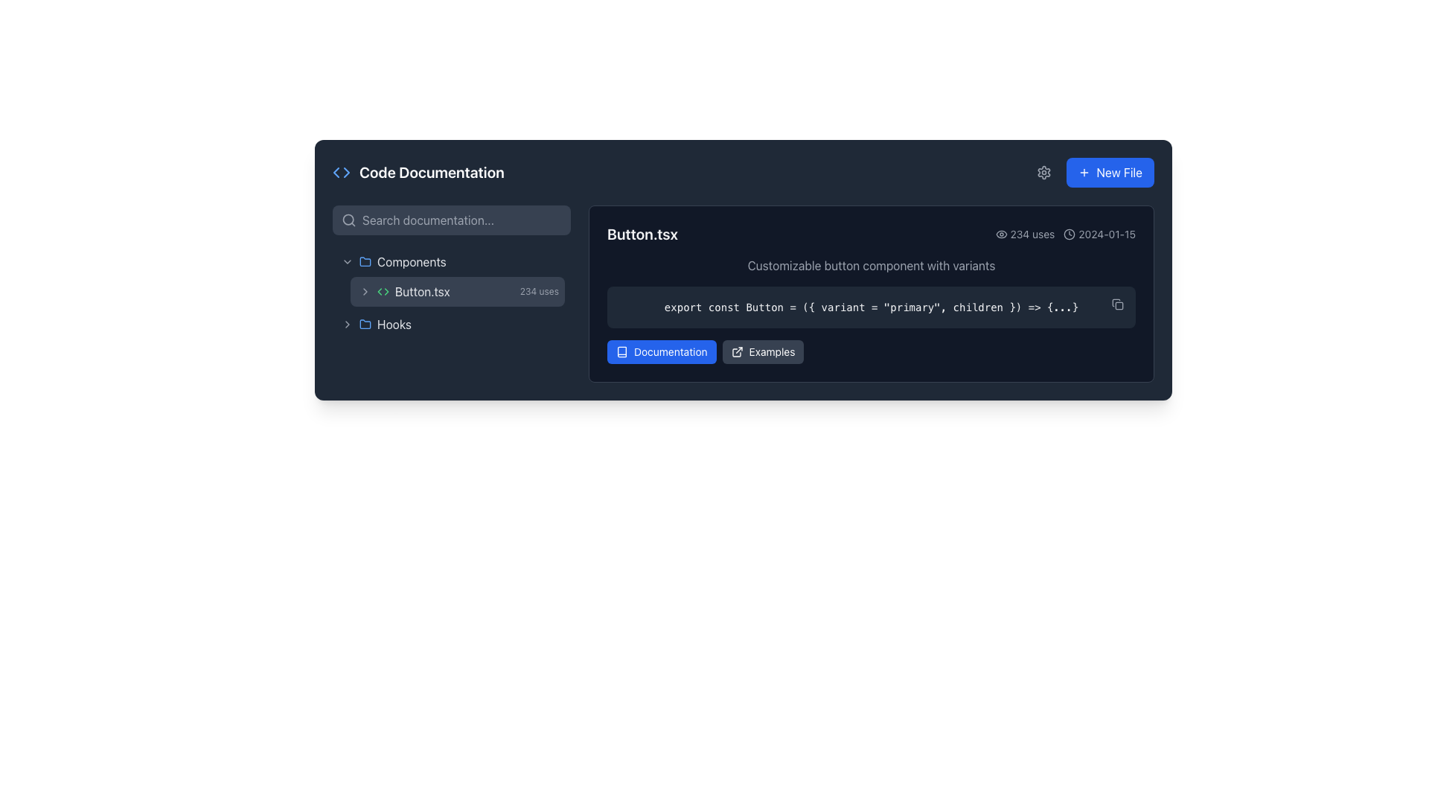  I want to click on the 'Button.tsx' file entry in the Components section, so click(448, 276).